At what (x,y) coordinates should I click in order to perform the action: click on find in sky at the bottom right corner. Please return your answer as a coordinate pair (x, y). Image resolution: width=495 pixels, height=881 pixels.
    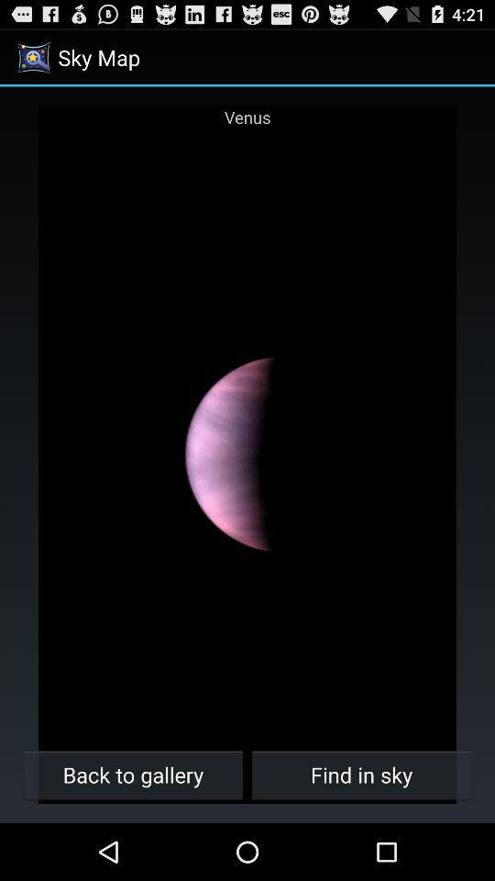
    Looking at the image, I should click on (361, 774).